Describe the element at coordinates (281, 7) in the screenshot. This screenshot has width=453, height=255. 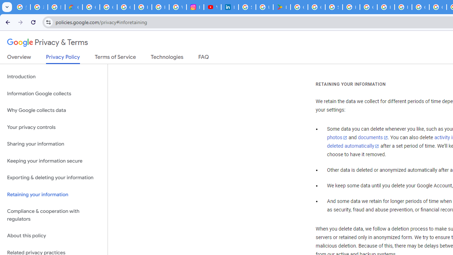
I see `'Last Shelter: Survival - Apps on Google Play'` at that location.